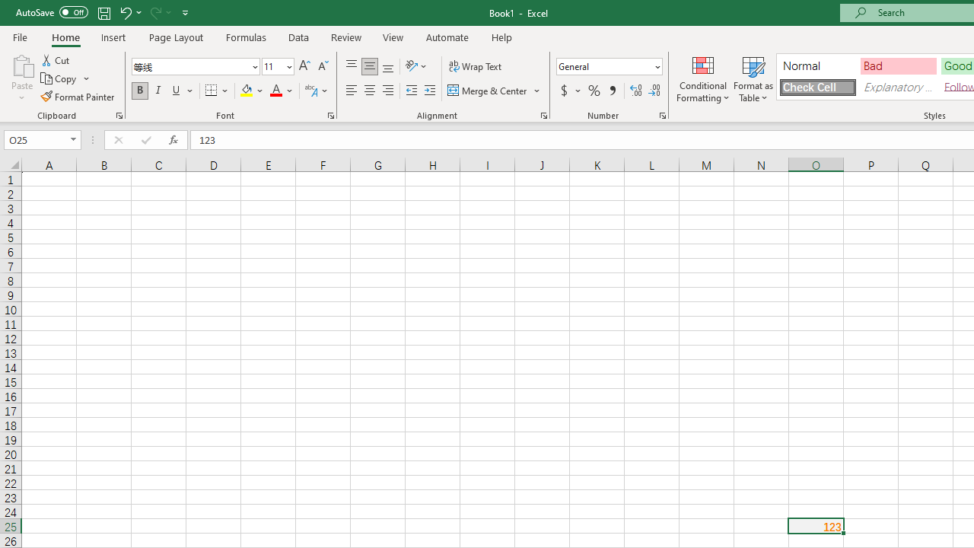 This screenshot has height=548, width=974. I want to click on 'Format Cell Number', so click(663, 114).